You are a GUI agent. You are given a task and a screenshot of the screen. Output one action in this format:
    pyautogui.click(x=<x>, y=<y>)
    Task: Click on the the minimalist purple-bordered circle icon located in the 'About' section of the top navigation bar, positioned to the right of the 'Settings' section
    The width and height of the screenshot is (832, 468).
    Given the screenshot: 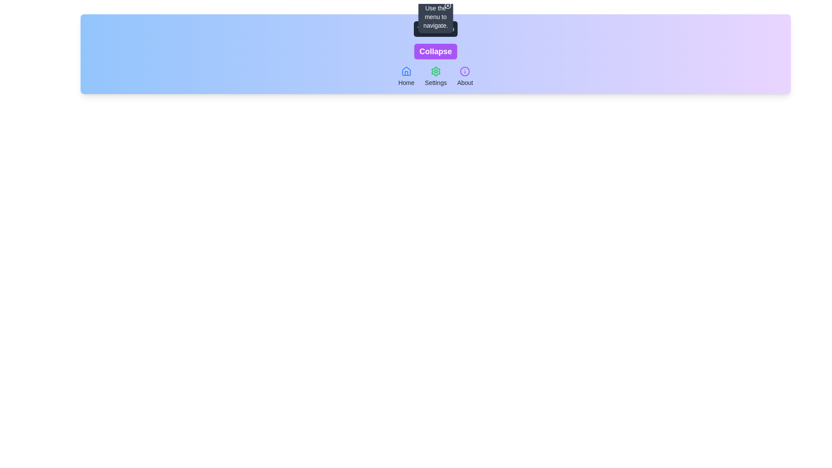 What is the action you would take?
    pyautogui.click(x=465, y=71)
    